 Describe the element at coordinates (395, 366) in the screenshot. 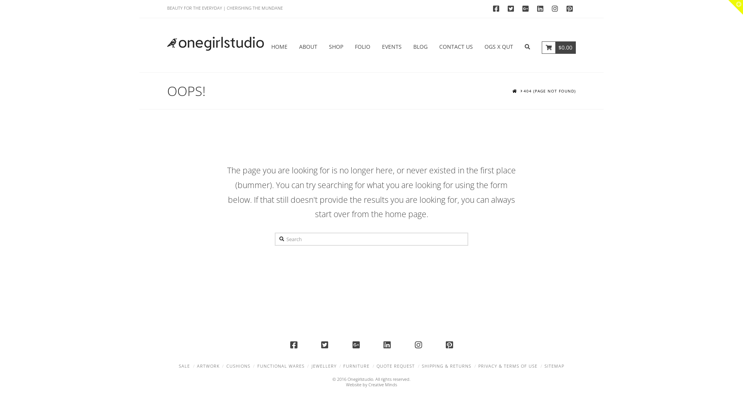

I see `'QUOTE REQUEST'` at that location.